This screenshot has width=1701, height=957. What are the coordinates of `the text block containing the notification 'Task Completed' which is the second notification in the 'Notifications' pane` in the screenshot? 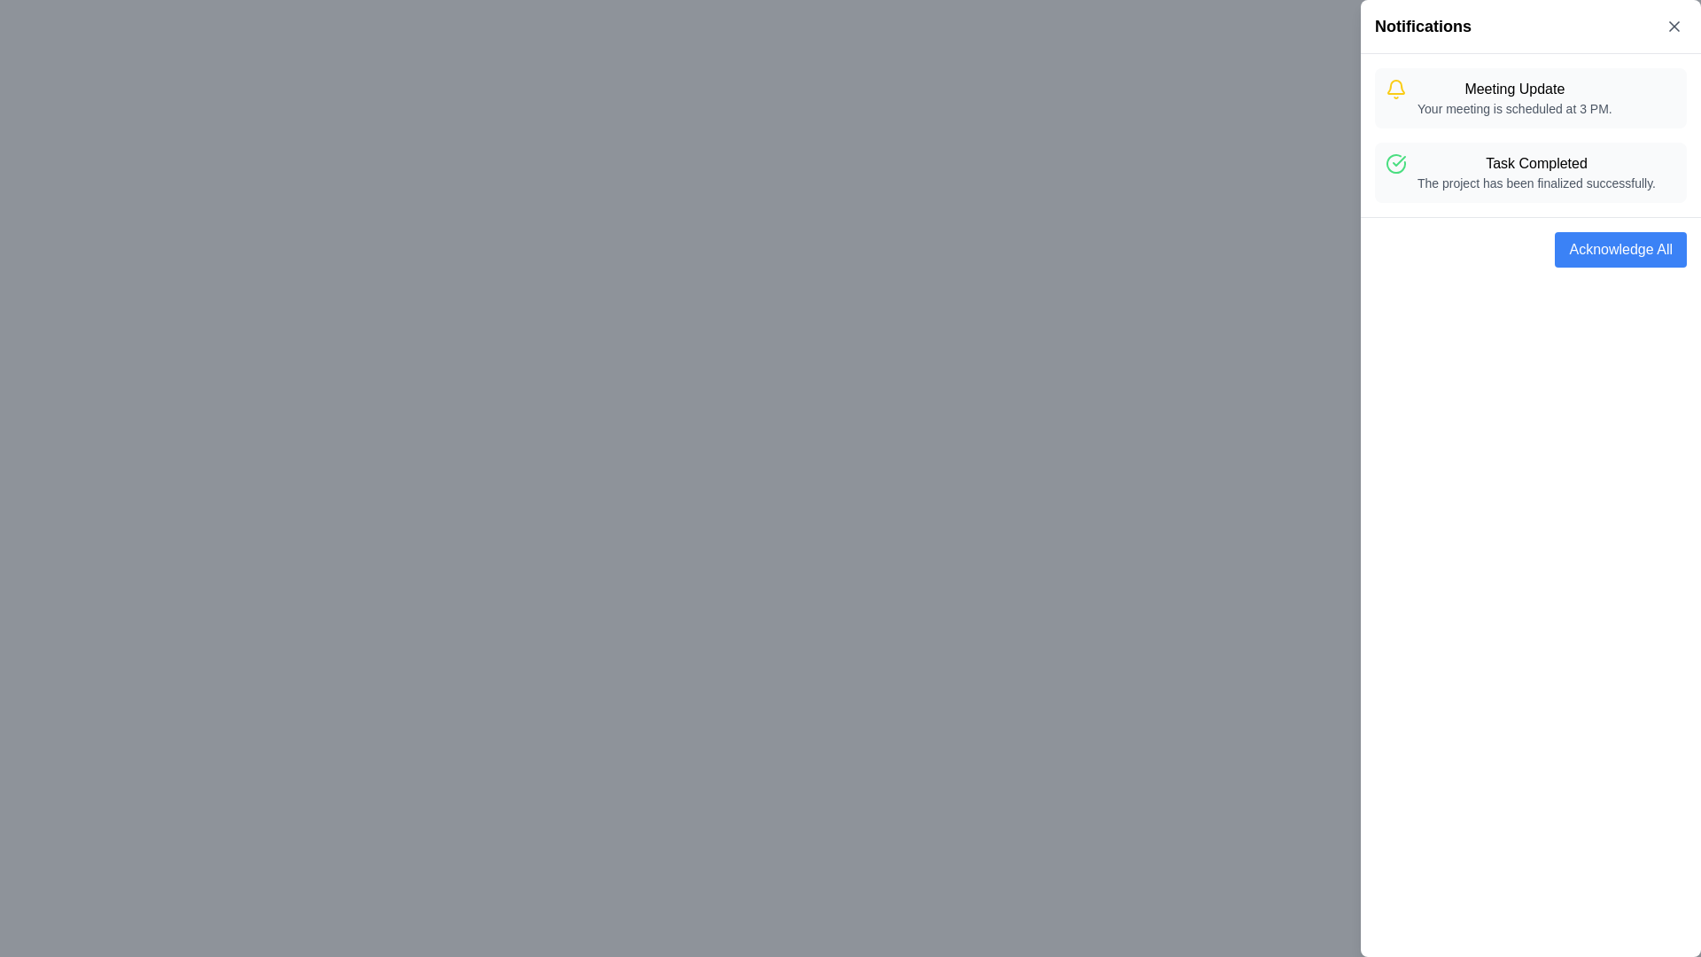 It's located at (1535, 173).